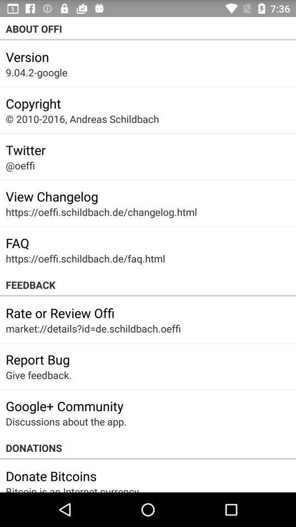  Describe the element at coordinates (37, 358) in the screenshot. I see `the report bug icon` at that location.